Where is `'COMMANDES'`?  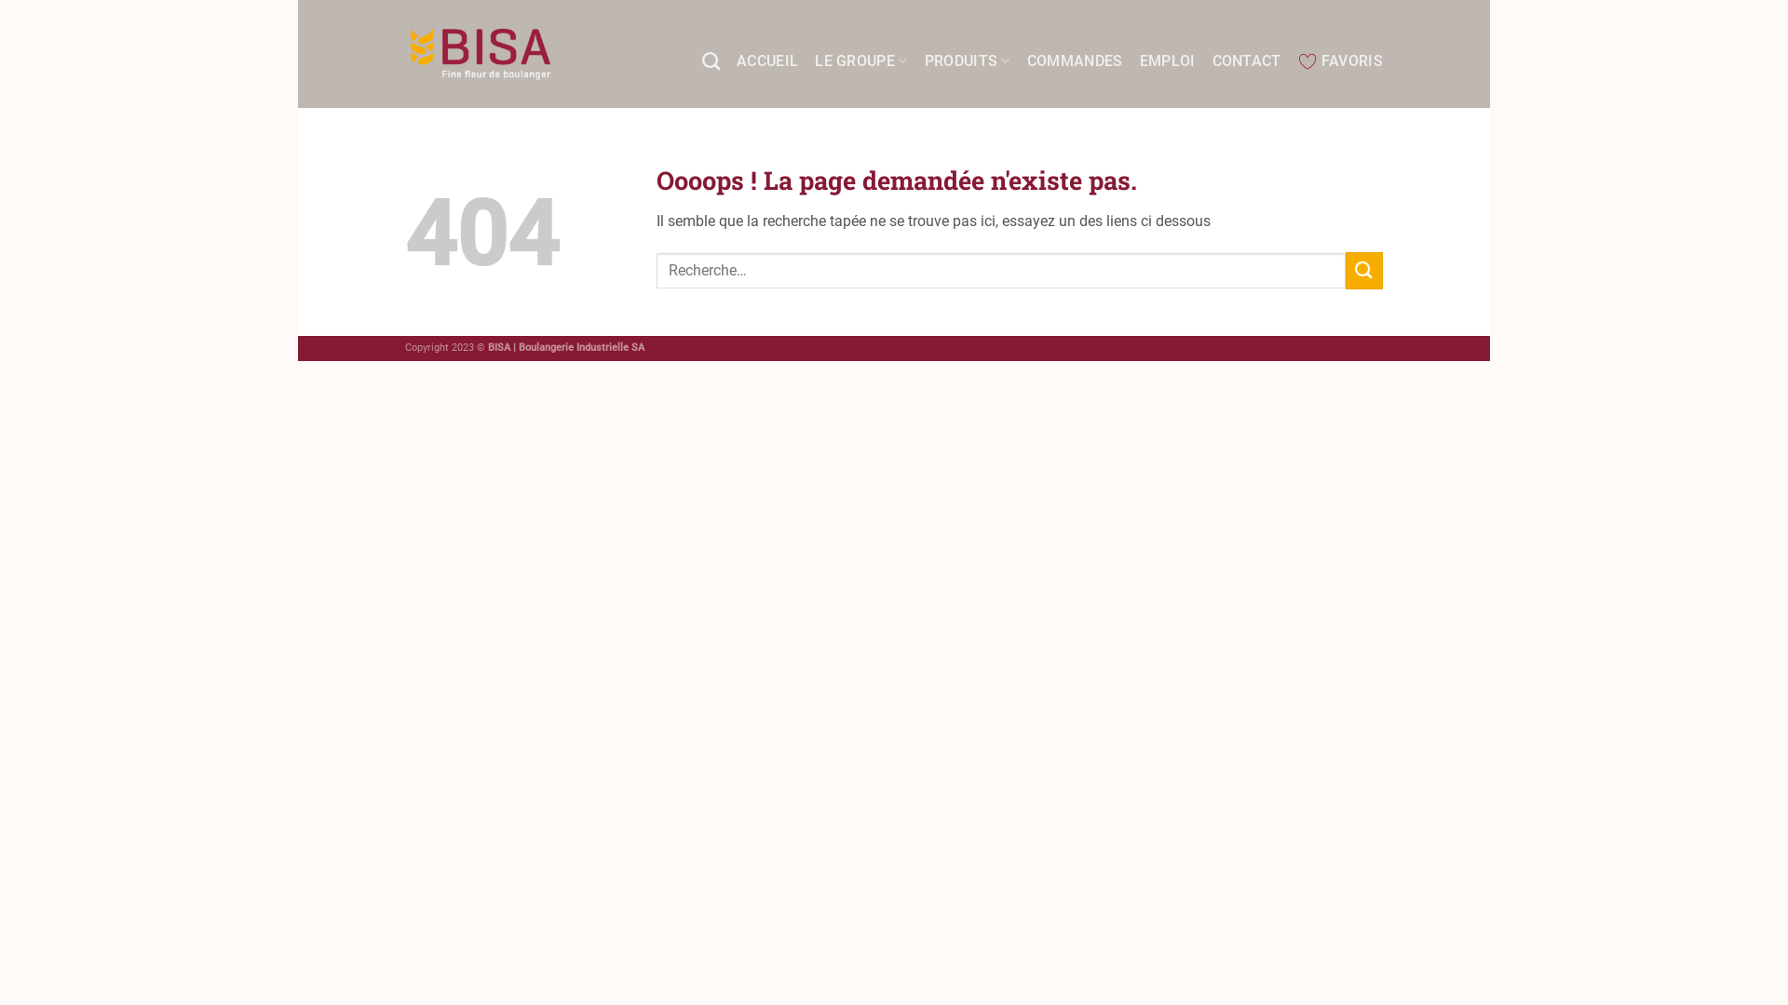 'COMMANDES' is located at coordinates (1075, 60).